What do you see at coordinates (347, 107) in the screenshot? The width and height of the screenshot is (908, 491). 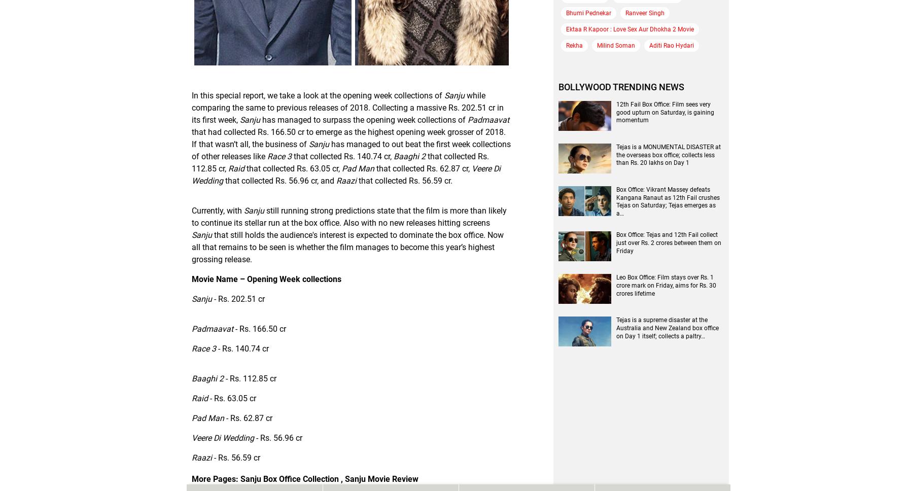 I see `'while comparing the same to previous releases of 2018. Collecting a massive Rs. 202.51 cr in its first week,'` at bounding box center [347, 107].